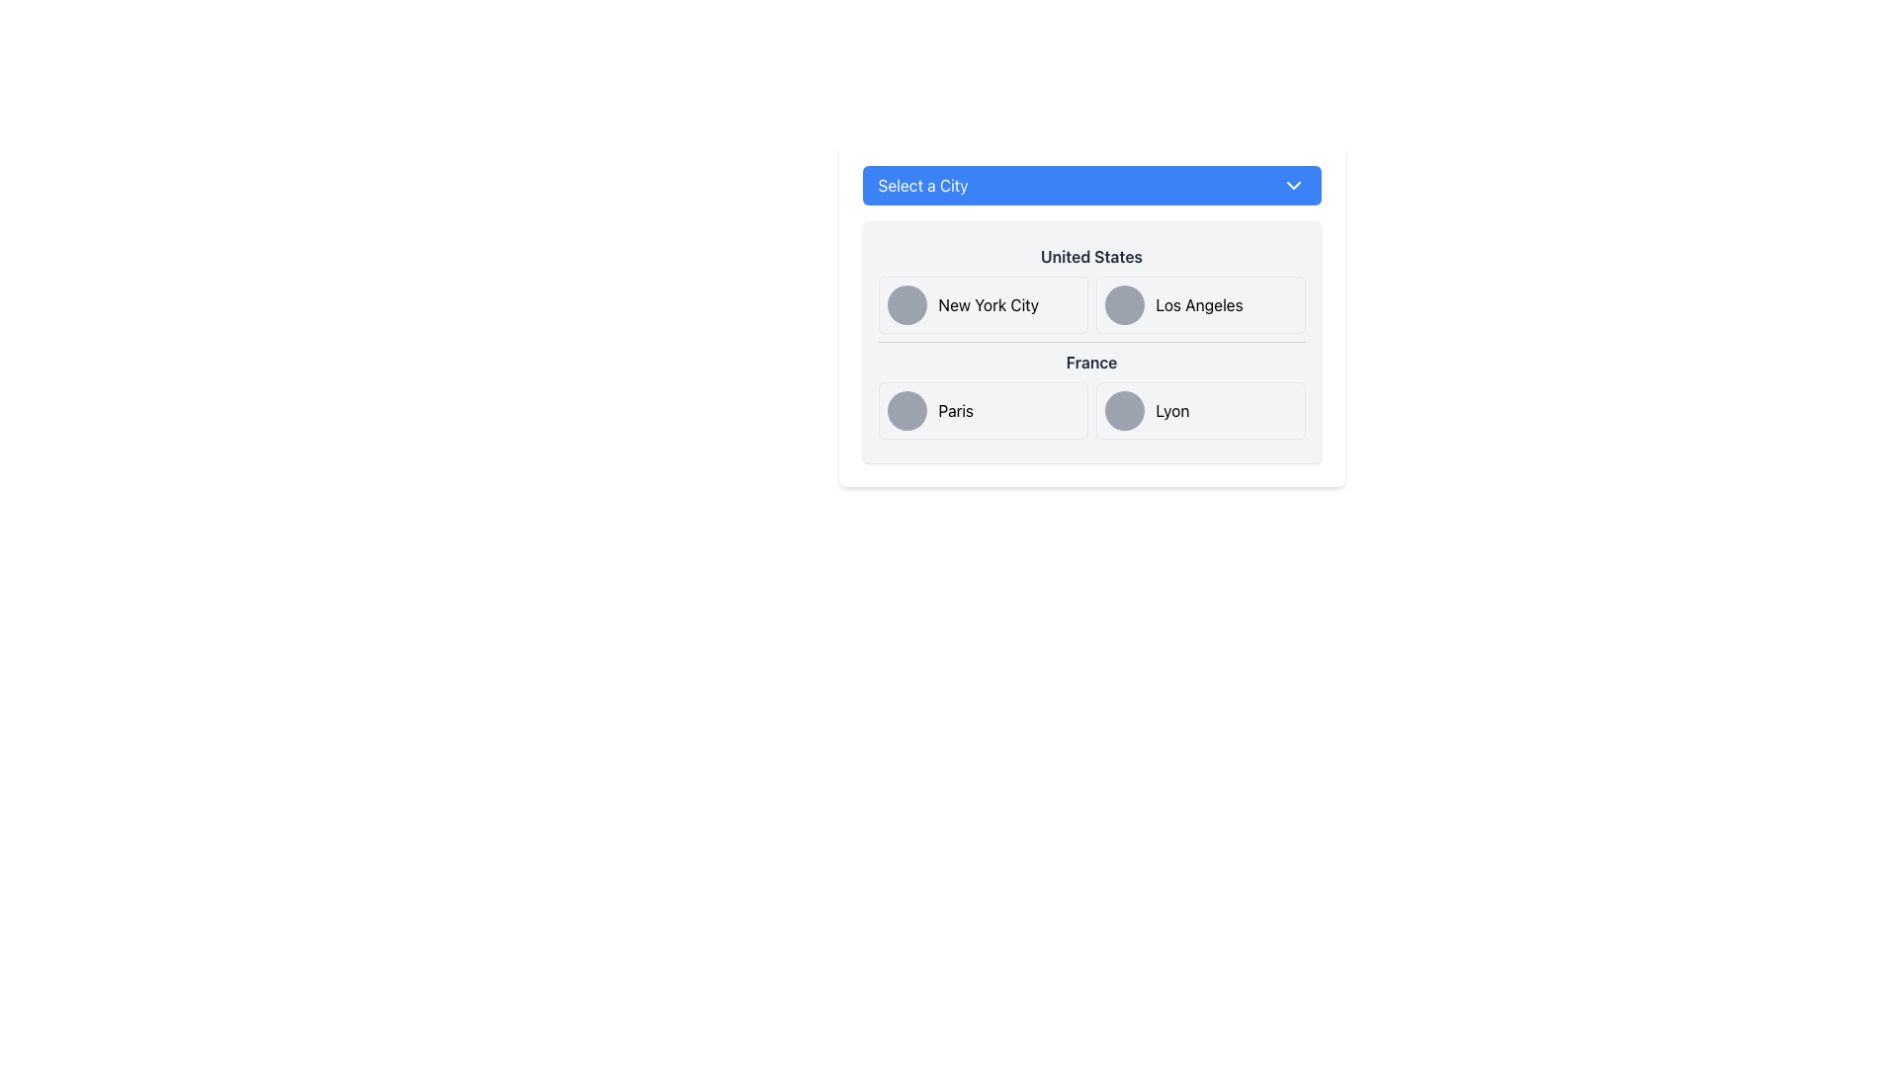 The width and height of the screenshot is (1898, 1067). I want to click on the button, so click(983, 410).